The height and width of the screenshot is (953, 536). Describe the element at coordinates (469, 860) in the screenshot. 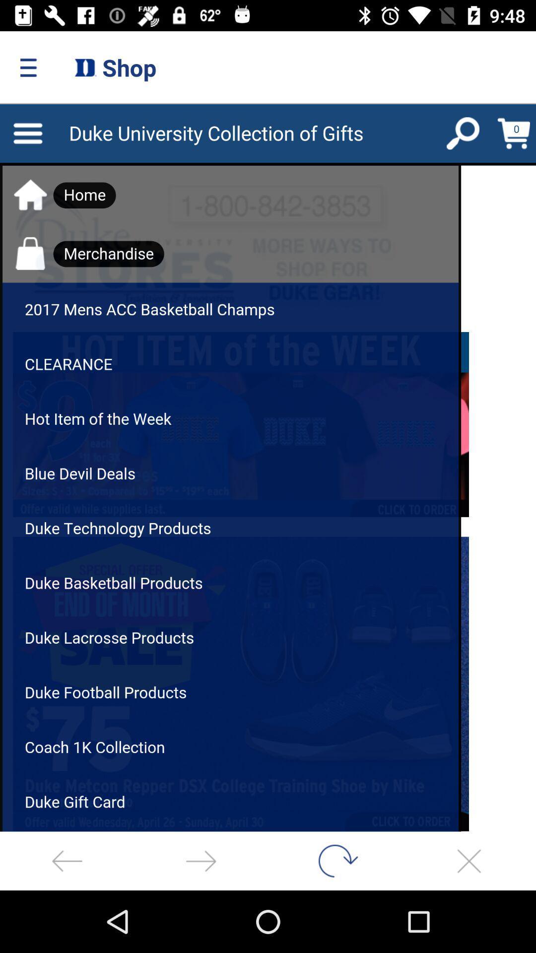

I see `close` at that location.